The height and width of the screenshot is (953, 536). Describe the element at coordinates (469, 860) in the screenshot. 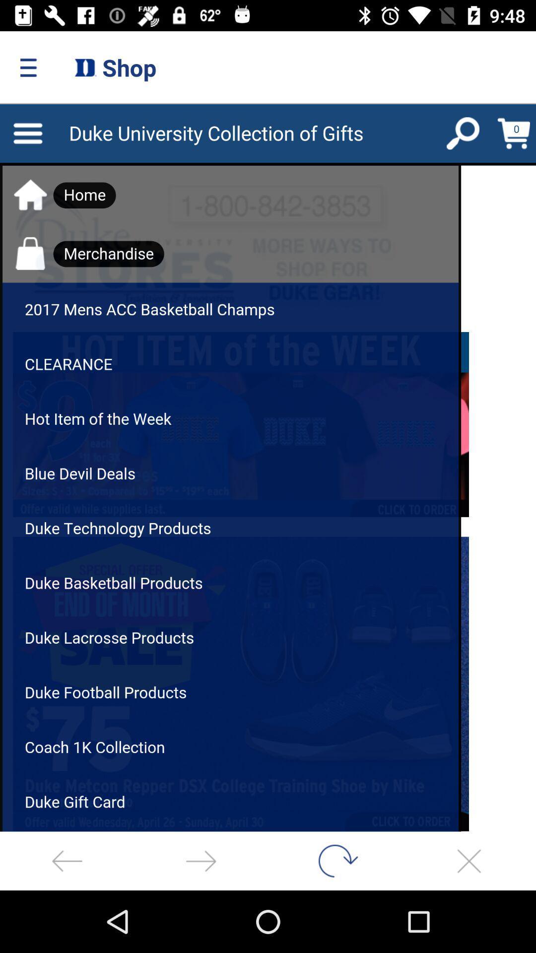

I see `close` at that location.